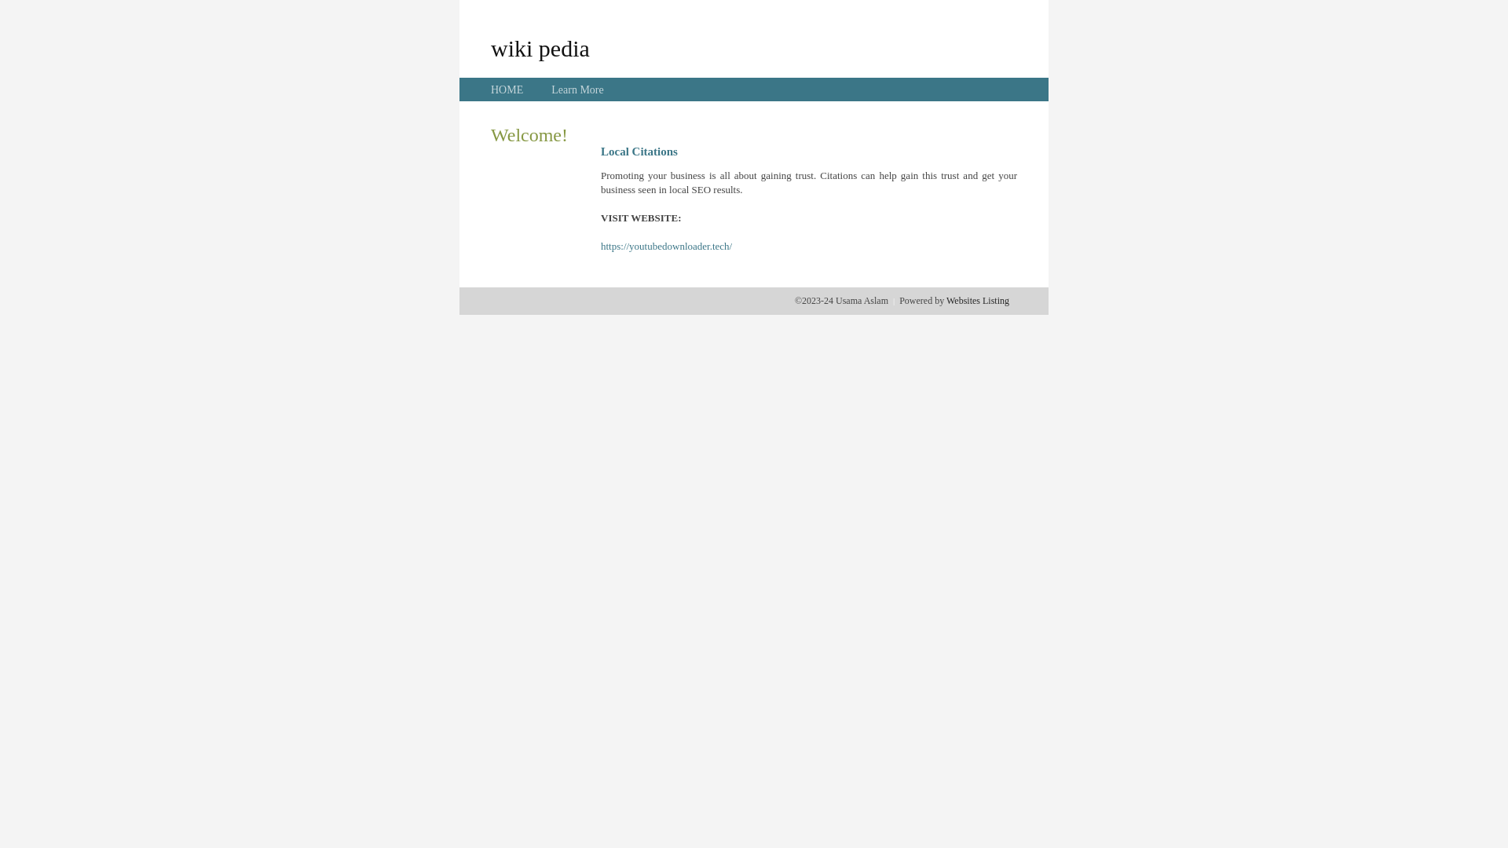  I want to click on 'https://youtubedownloader.tech/', so click(666, 246).